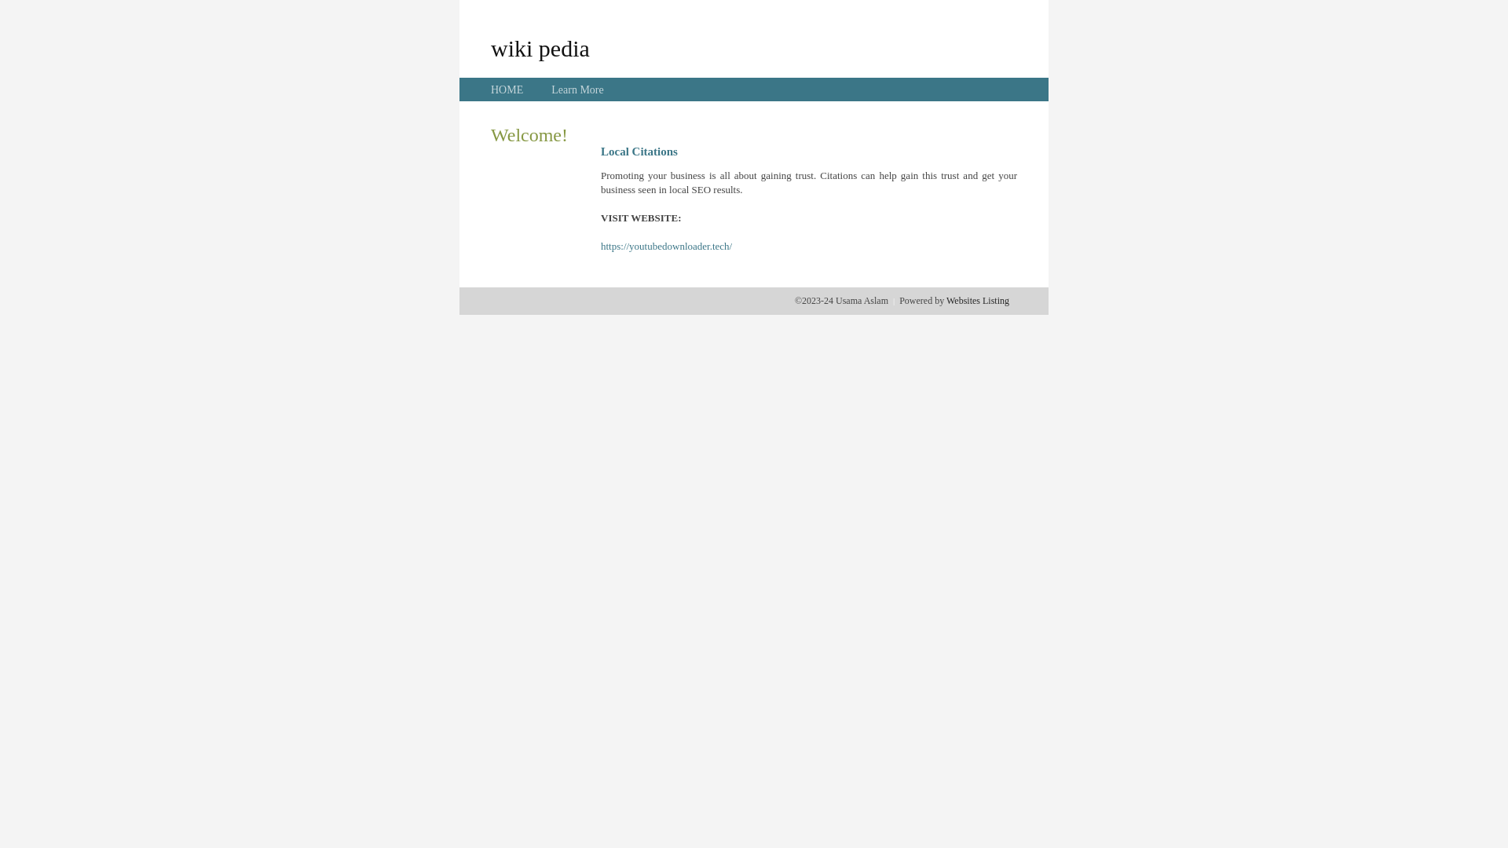  I want to click on 'https://youtubedownloader.tech/', so click(666, 246).